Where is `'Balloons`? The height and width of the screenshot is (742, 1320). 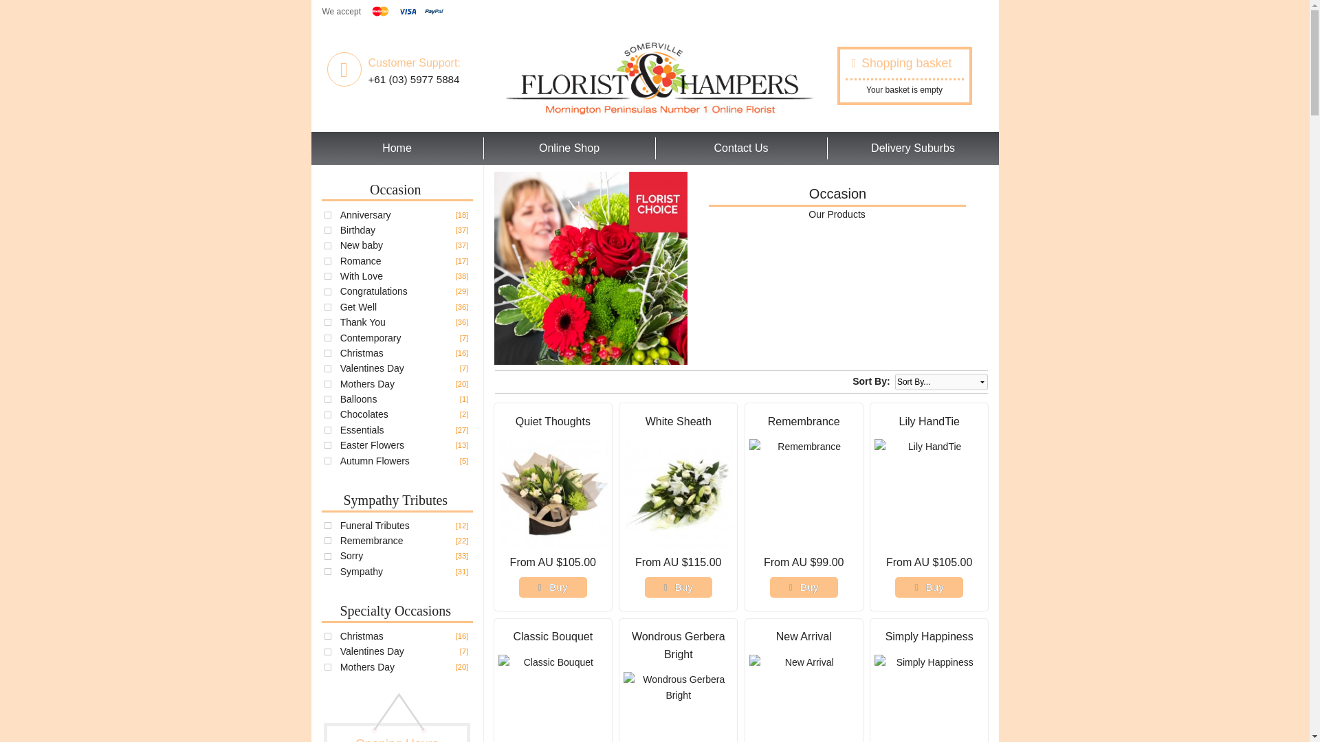
'Balloons is located at coordinates (359, 399).